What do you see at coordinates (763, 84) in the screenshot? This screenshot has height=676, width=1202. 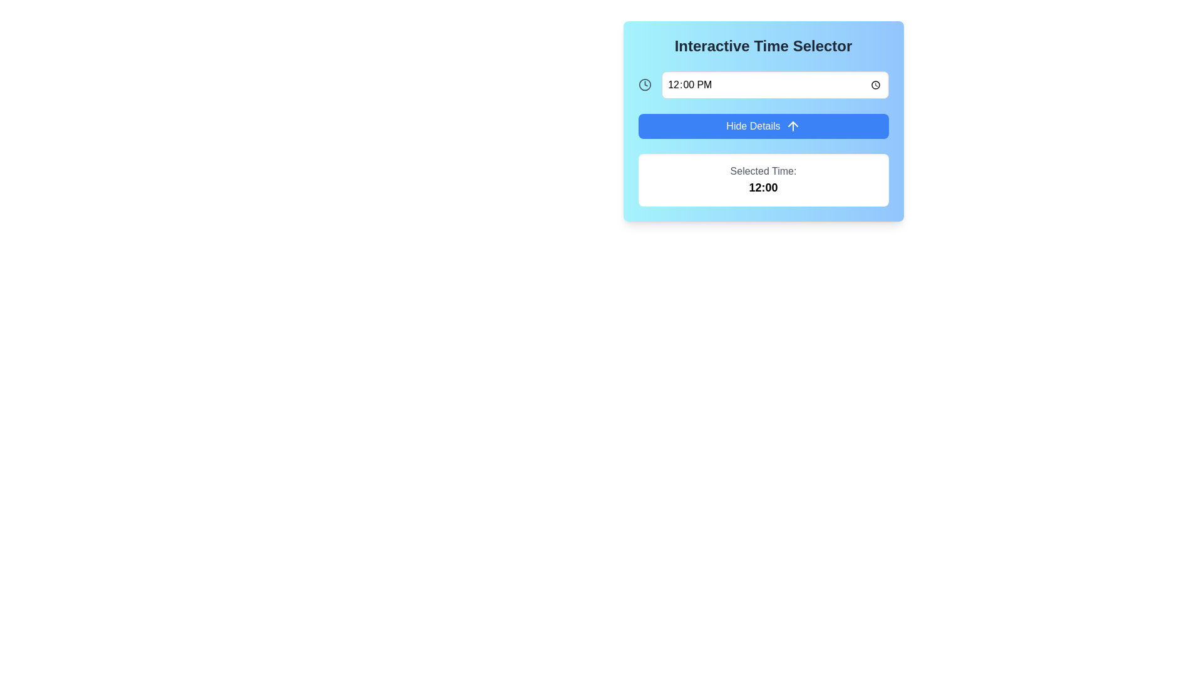 I see `the Time input field located in the 'Interactive Time Selector' panel to set or edit the time` at bounding box center [763, 84].